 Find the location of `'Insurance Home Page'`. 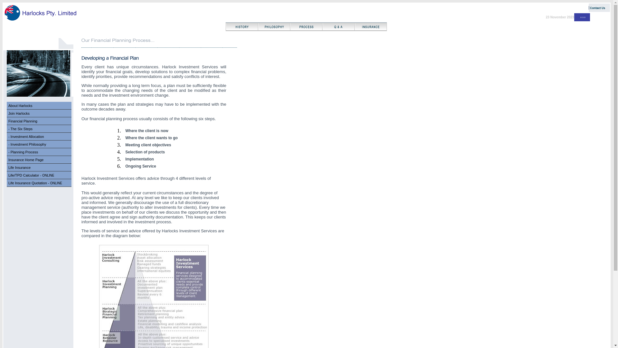

'Insurance Home Page' is located at coordinates (39, 159).